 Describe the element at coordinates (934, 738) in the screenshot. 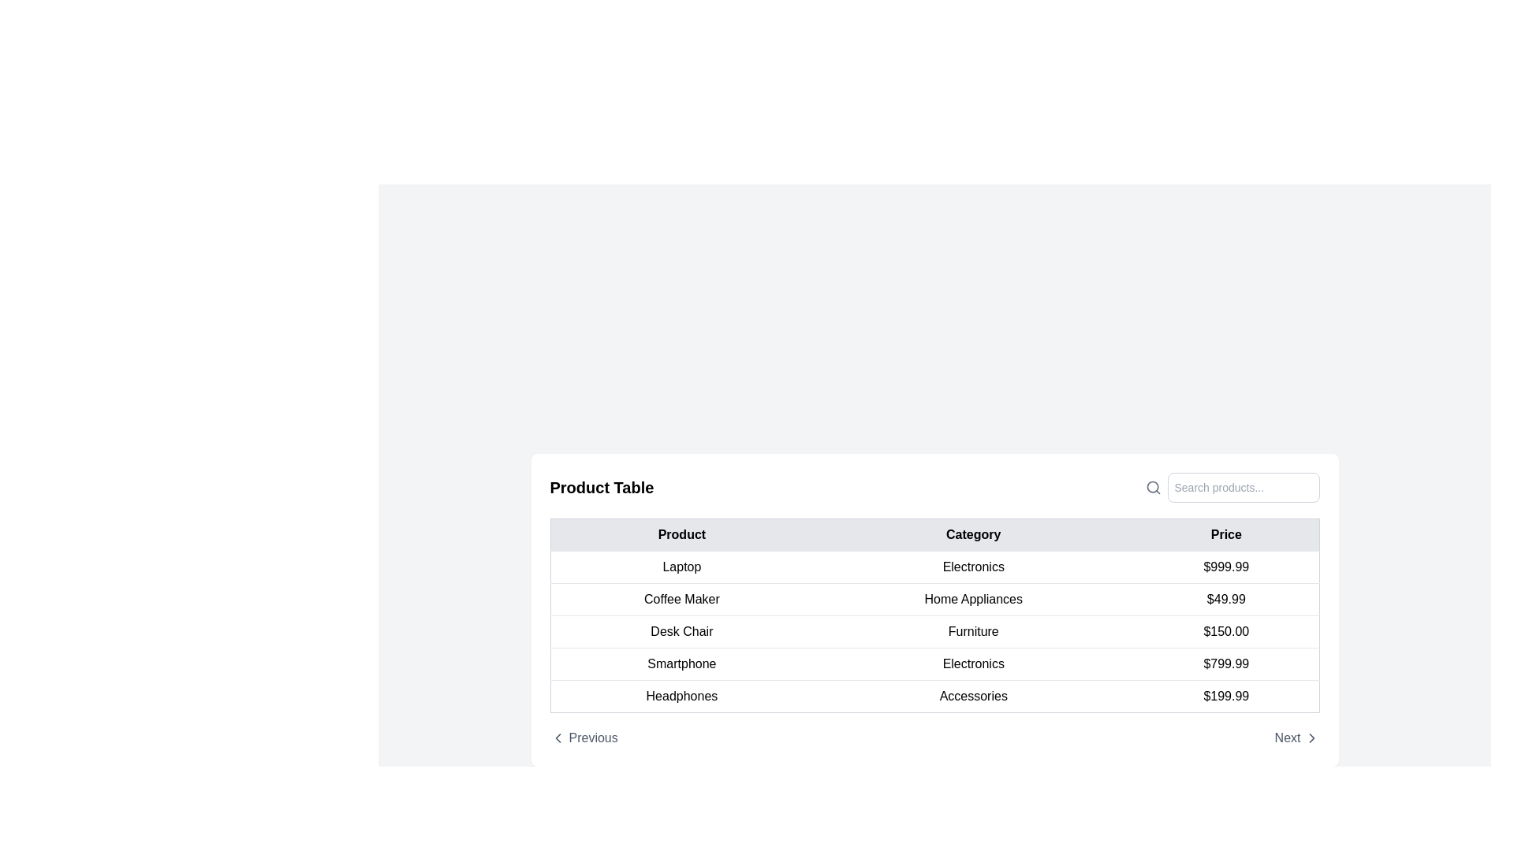

I see `the Navigation bar located at the bottom of the content area` at that location.